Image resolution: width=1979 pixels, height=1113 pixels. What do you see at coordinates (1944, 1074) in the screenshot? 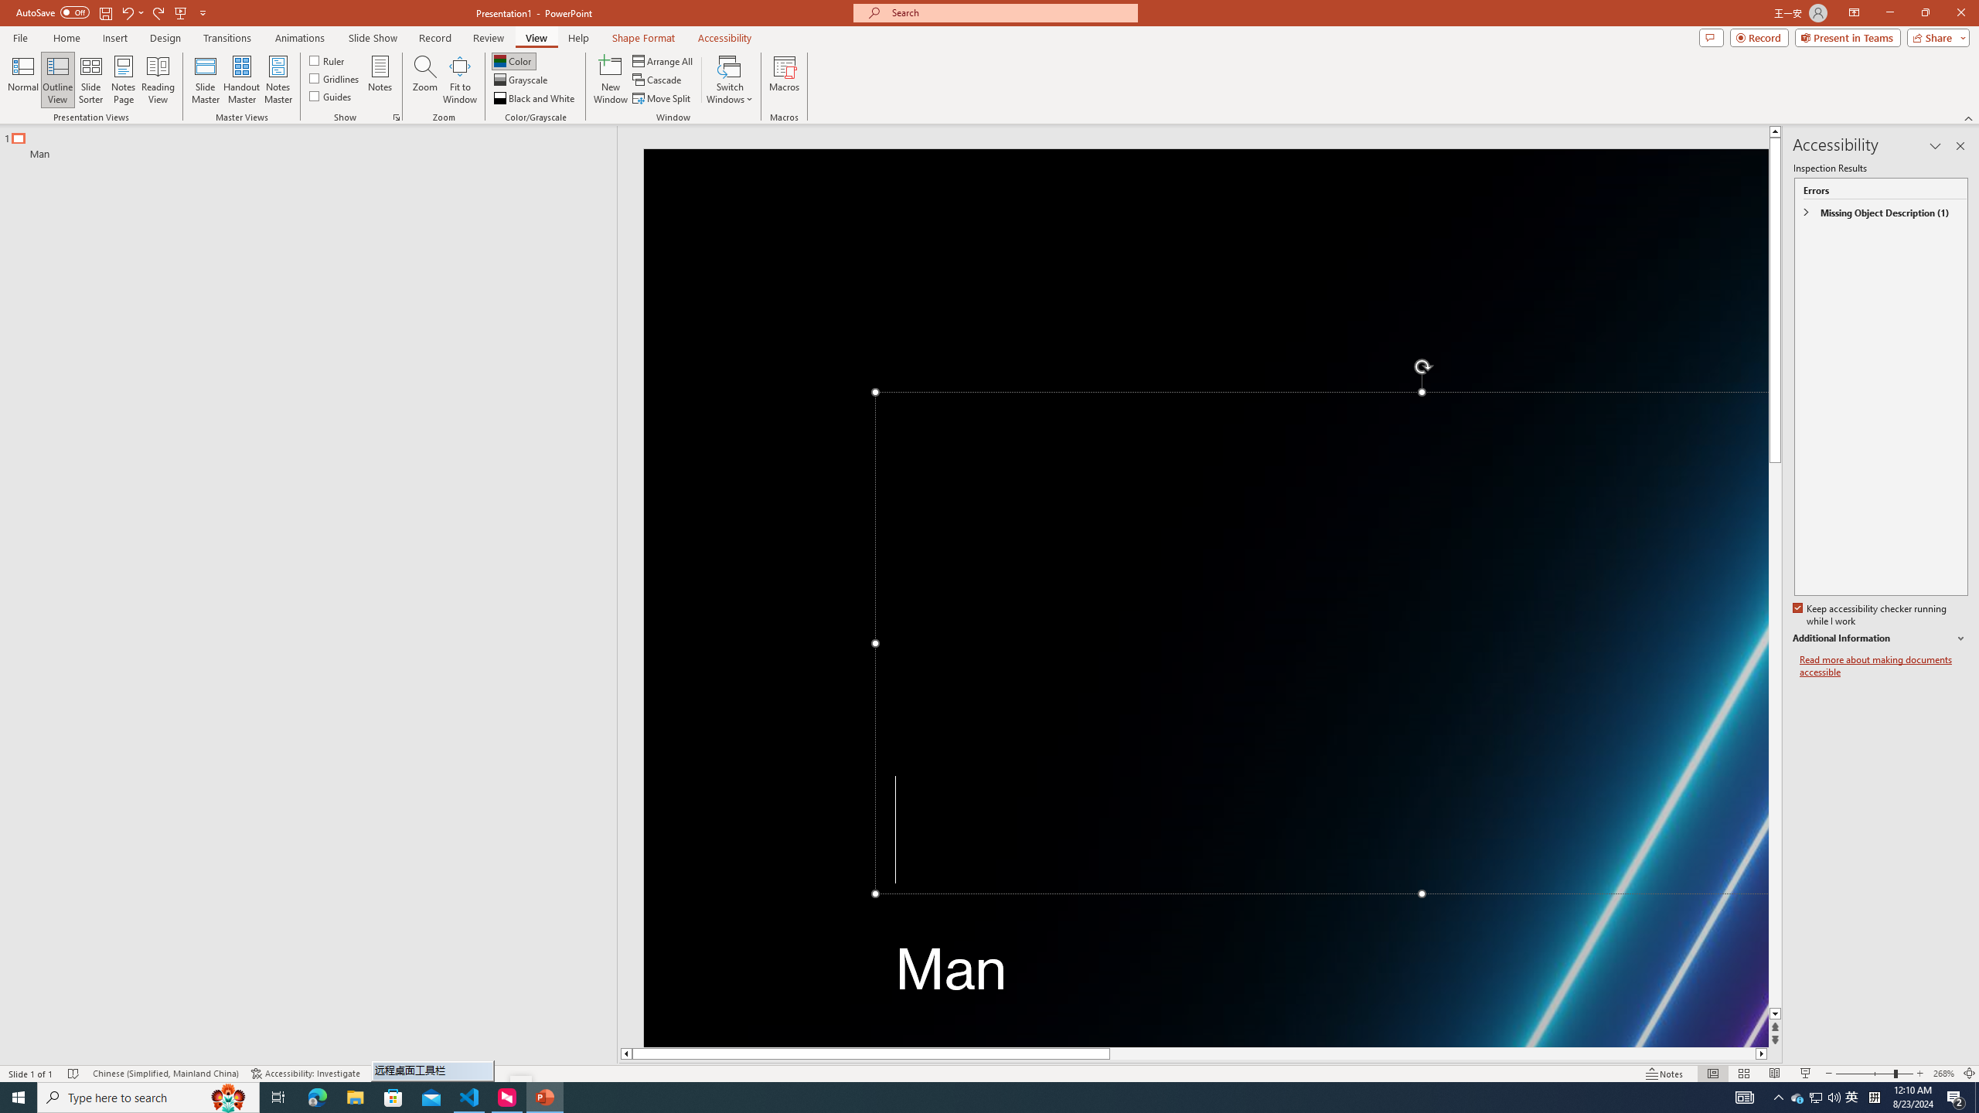
I see `'Zoom 268%'` at bounding box center [1944, 1074].